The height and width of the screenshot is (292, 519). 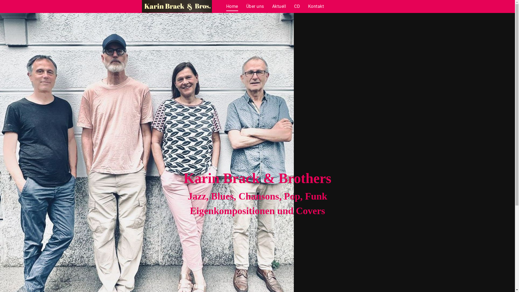 What do you see at coordinates (279, 6) in the screenshot?
I see `'Aktuell'` at bounding box center [279, 6].